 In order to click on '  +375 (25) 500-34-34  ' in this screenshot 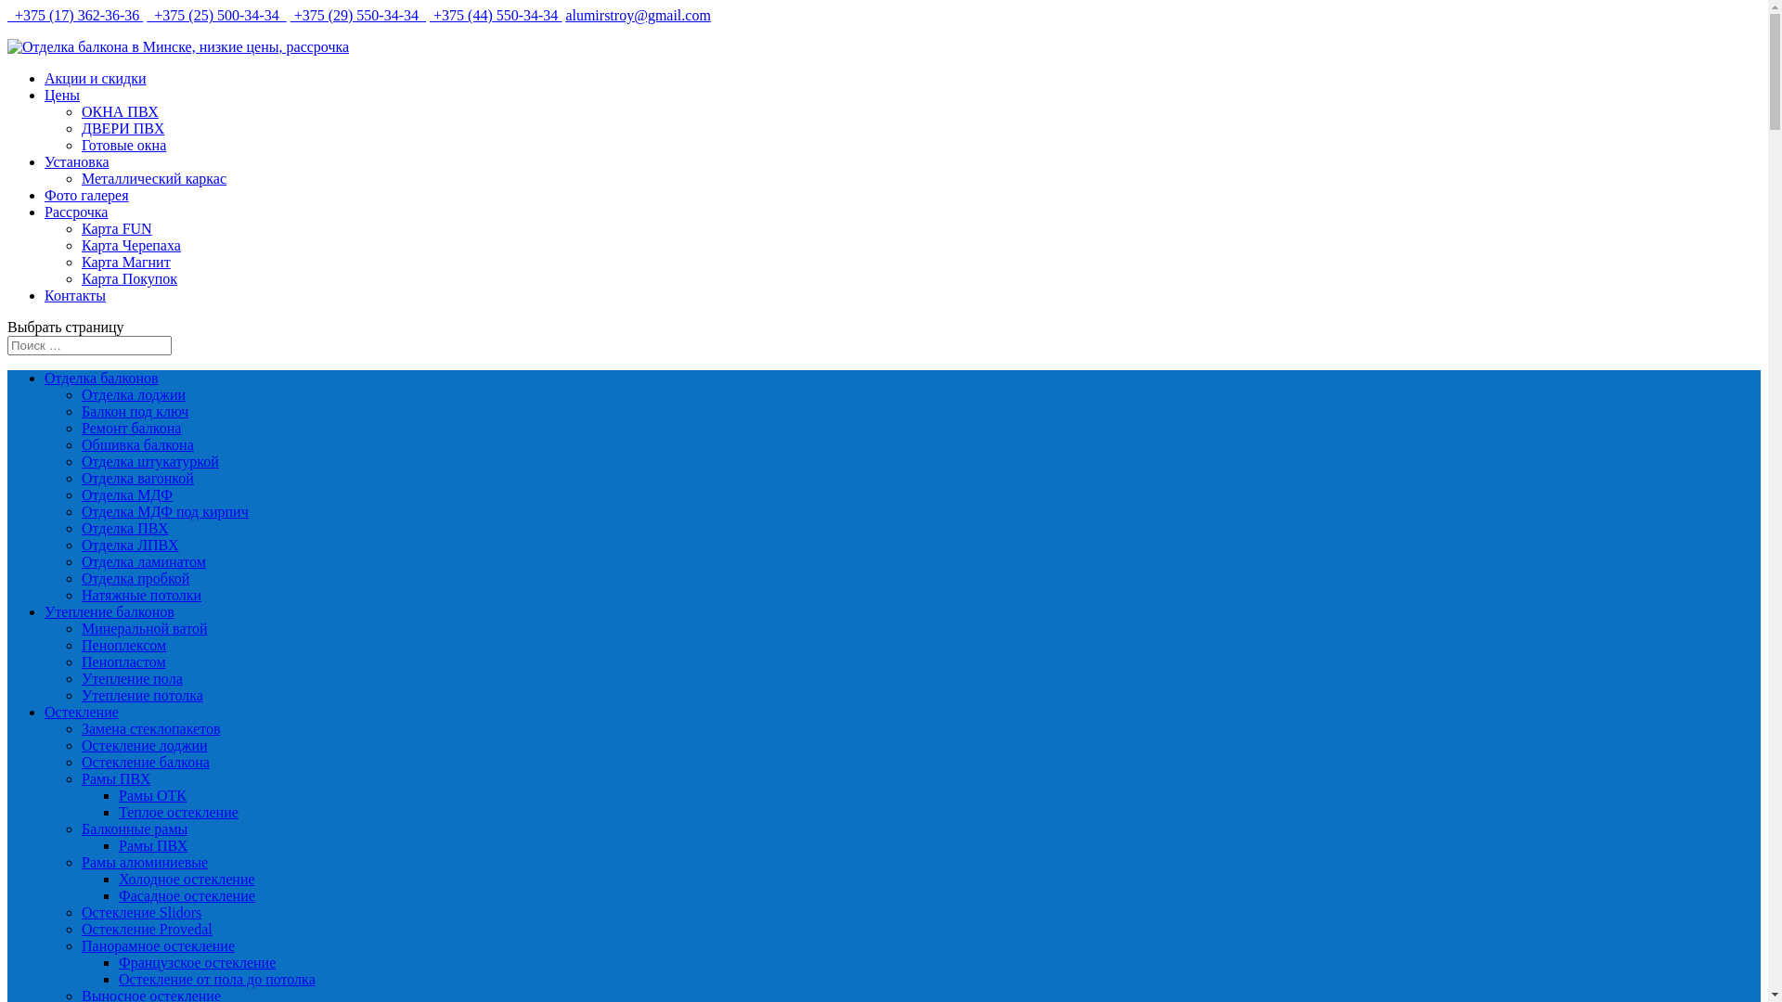, I will do `click(146, 15)`.